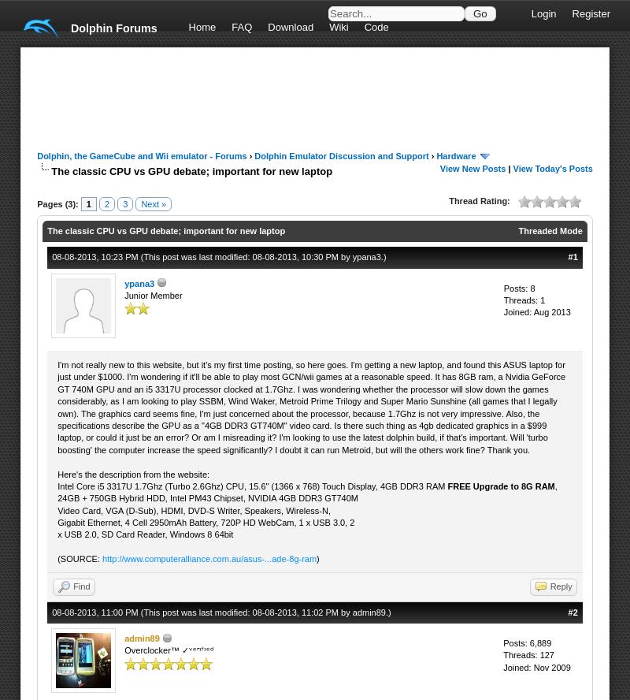  Describe the element at coordinates (508, 167) in the screenshot. I see `'|'` at that location.